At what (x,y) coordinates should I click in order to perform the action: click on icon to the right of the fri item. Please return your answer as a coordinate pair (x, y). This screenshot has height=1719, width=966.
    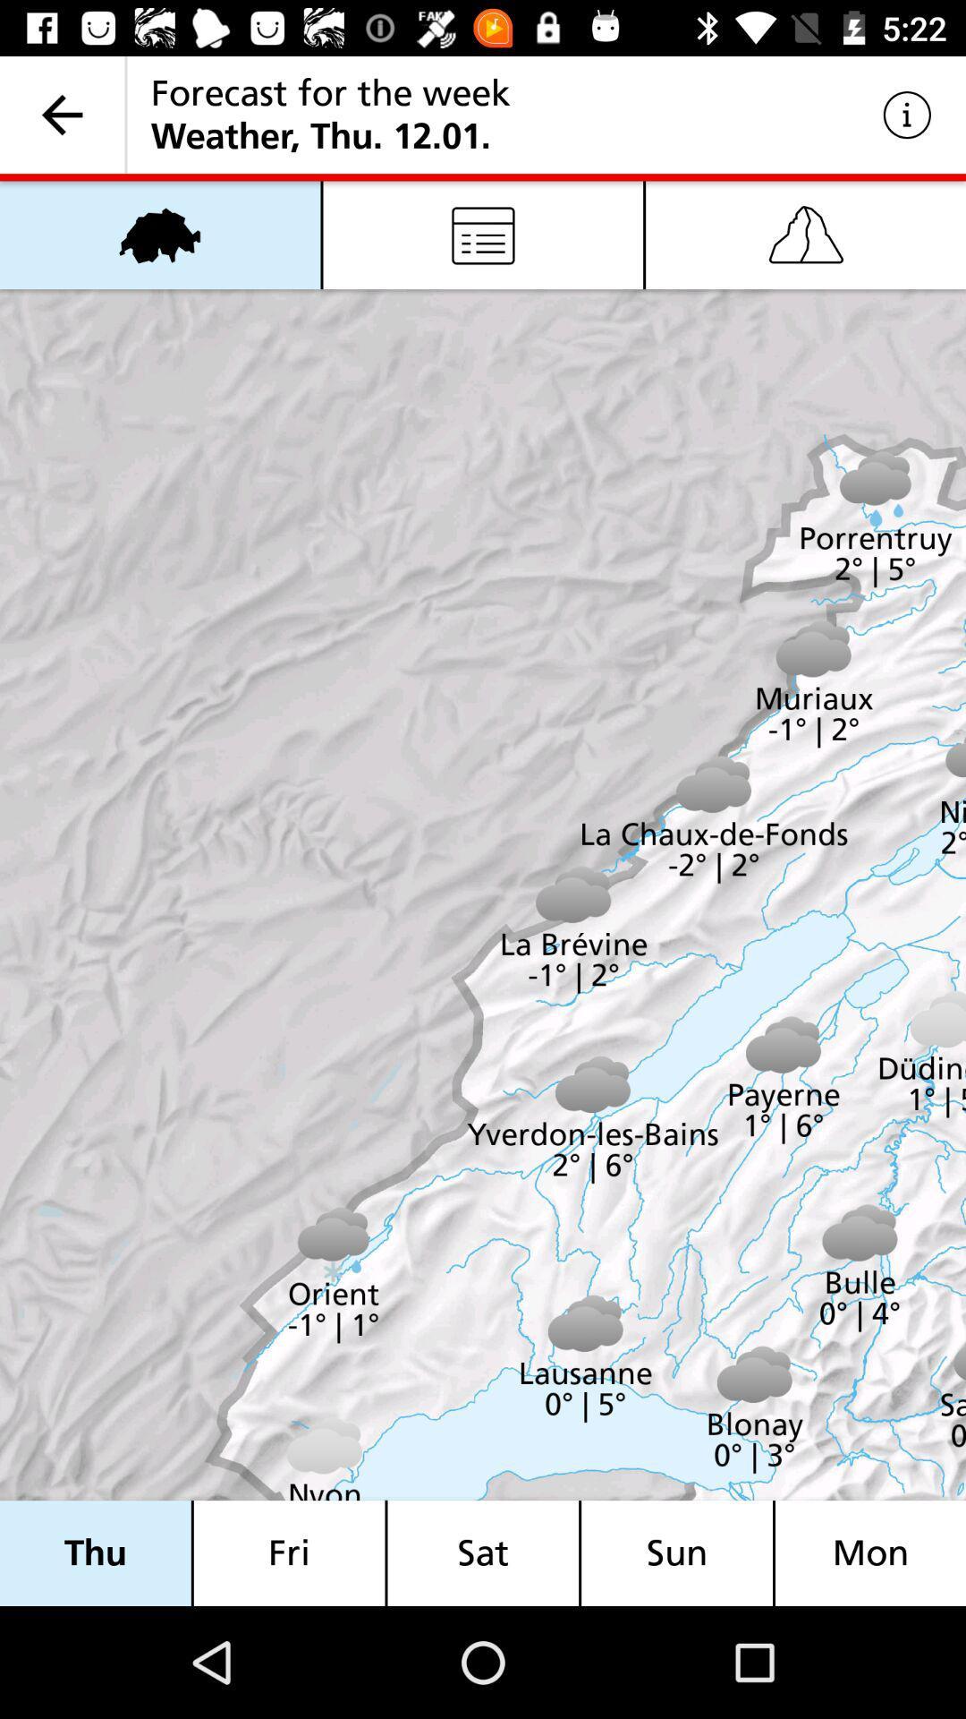
    Looking at the image, I should click on (483, 1552).